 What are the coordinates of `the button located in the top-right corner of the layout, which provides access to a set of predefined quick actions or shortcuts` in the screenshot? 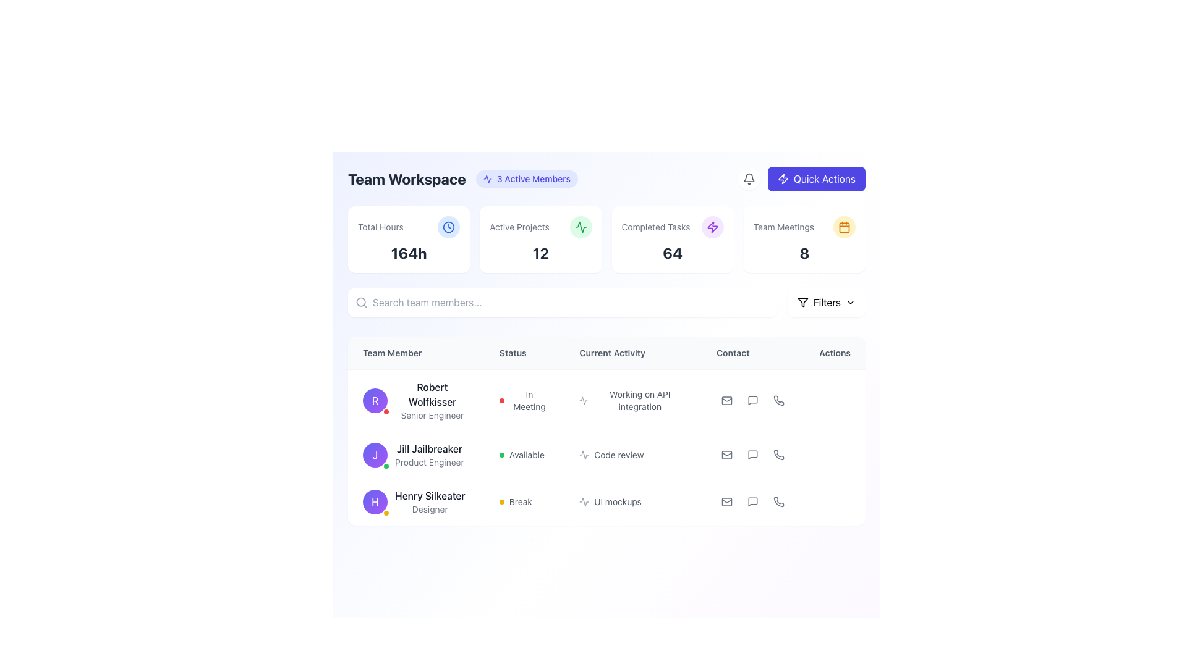 It's located at (801, 178).